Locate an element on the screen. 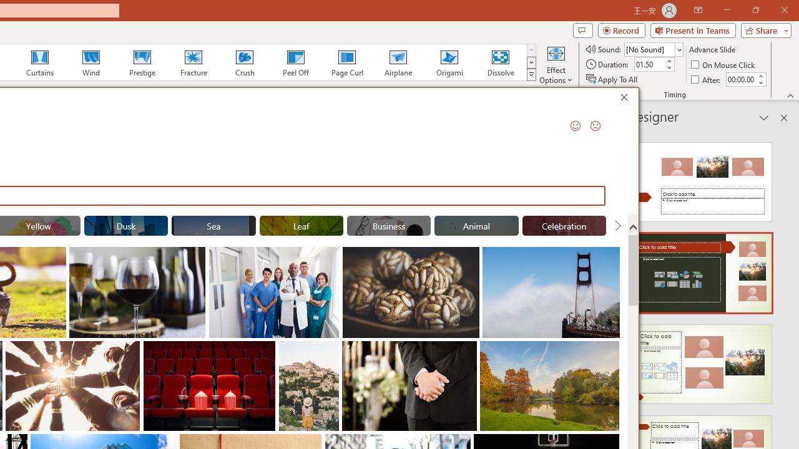  '"Business" Stock Images.' is located at coordinates (388, 226).